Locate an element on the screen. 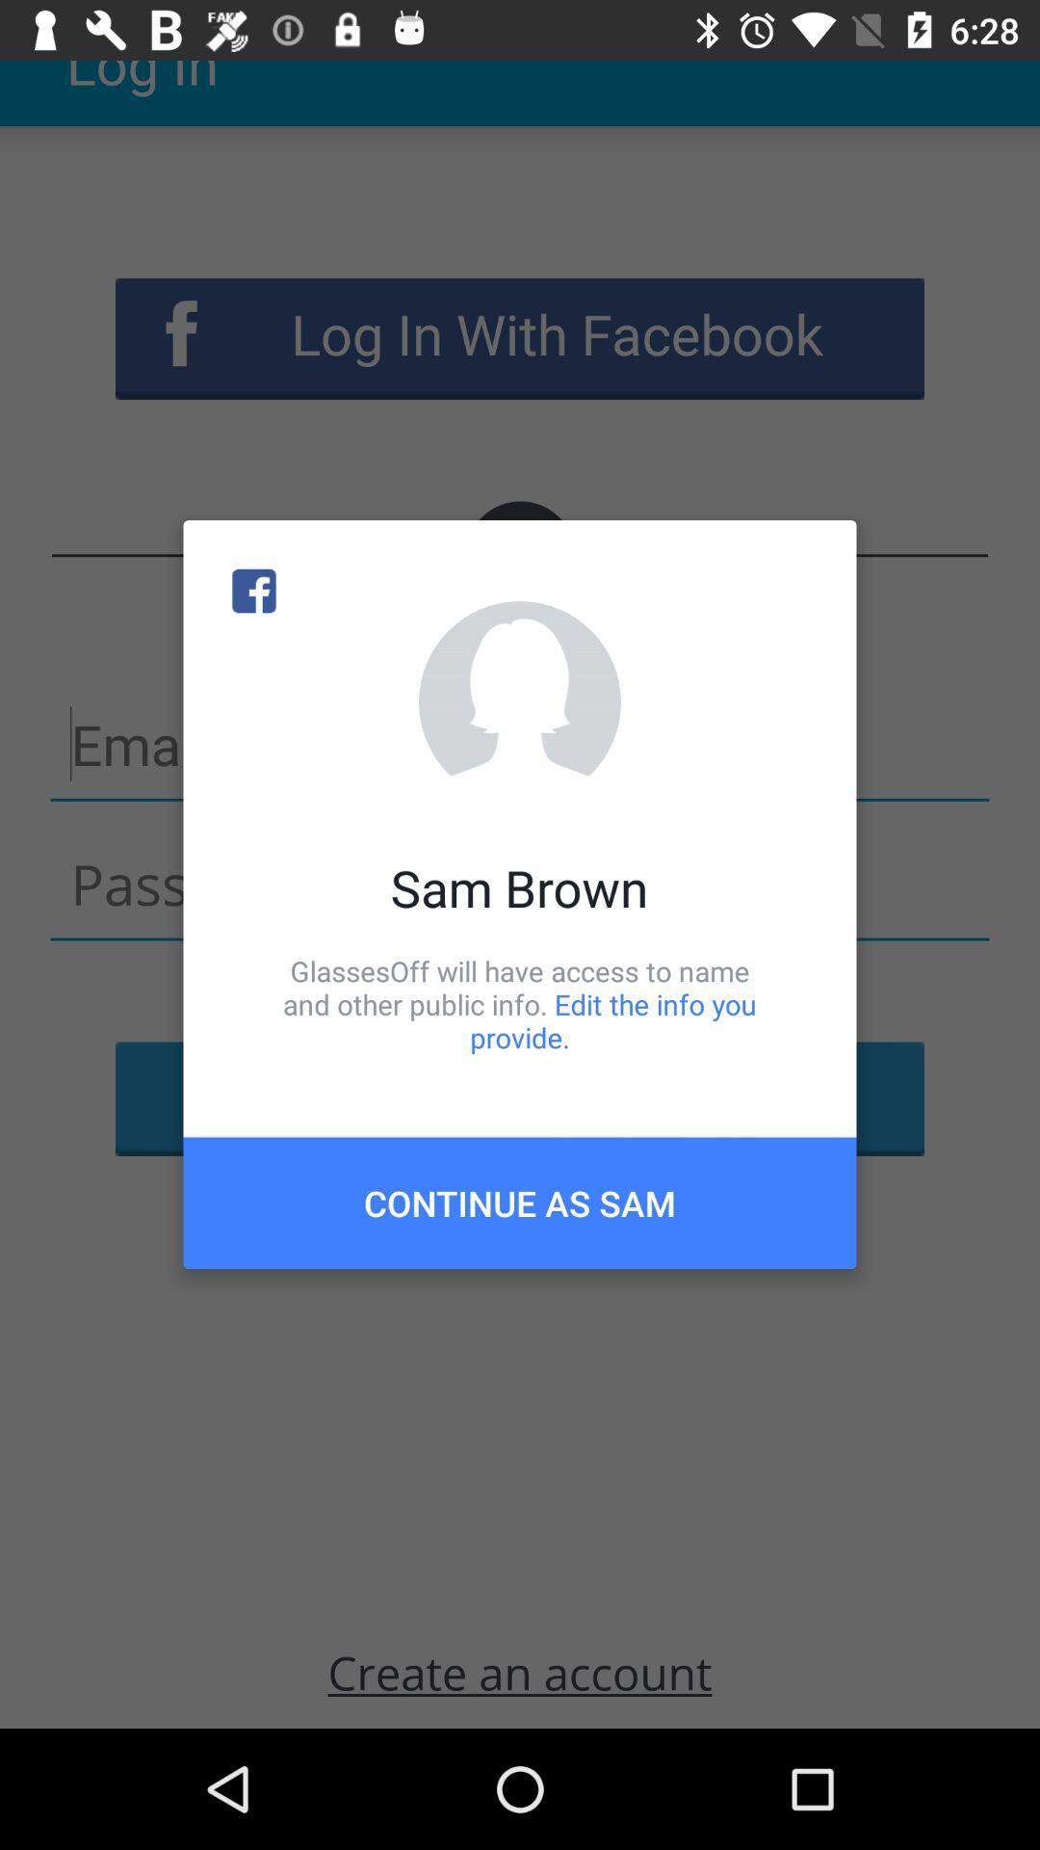  the continue as sam icon is located at coordinates (520, 1202).